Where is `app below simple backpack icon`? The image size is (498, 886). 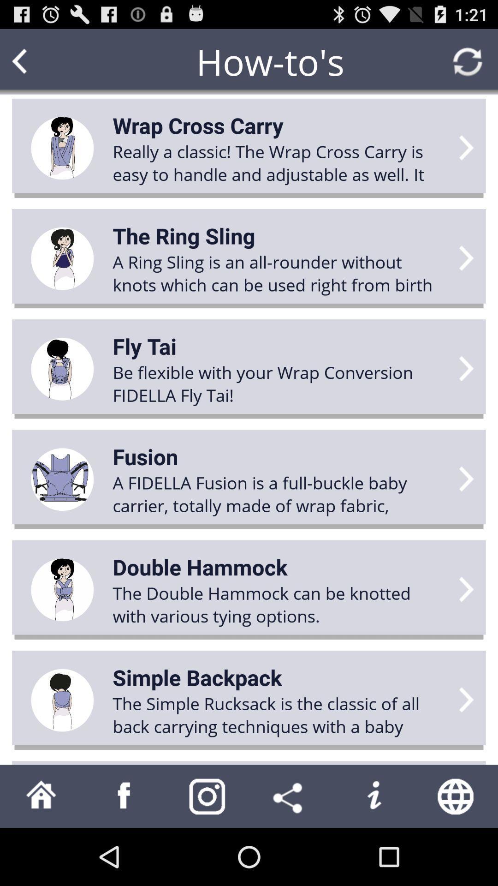 app below simple backpack icon is located at coordinates (279, 714).